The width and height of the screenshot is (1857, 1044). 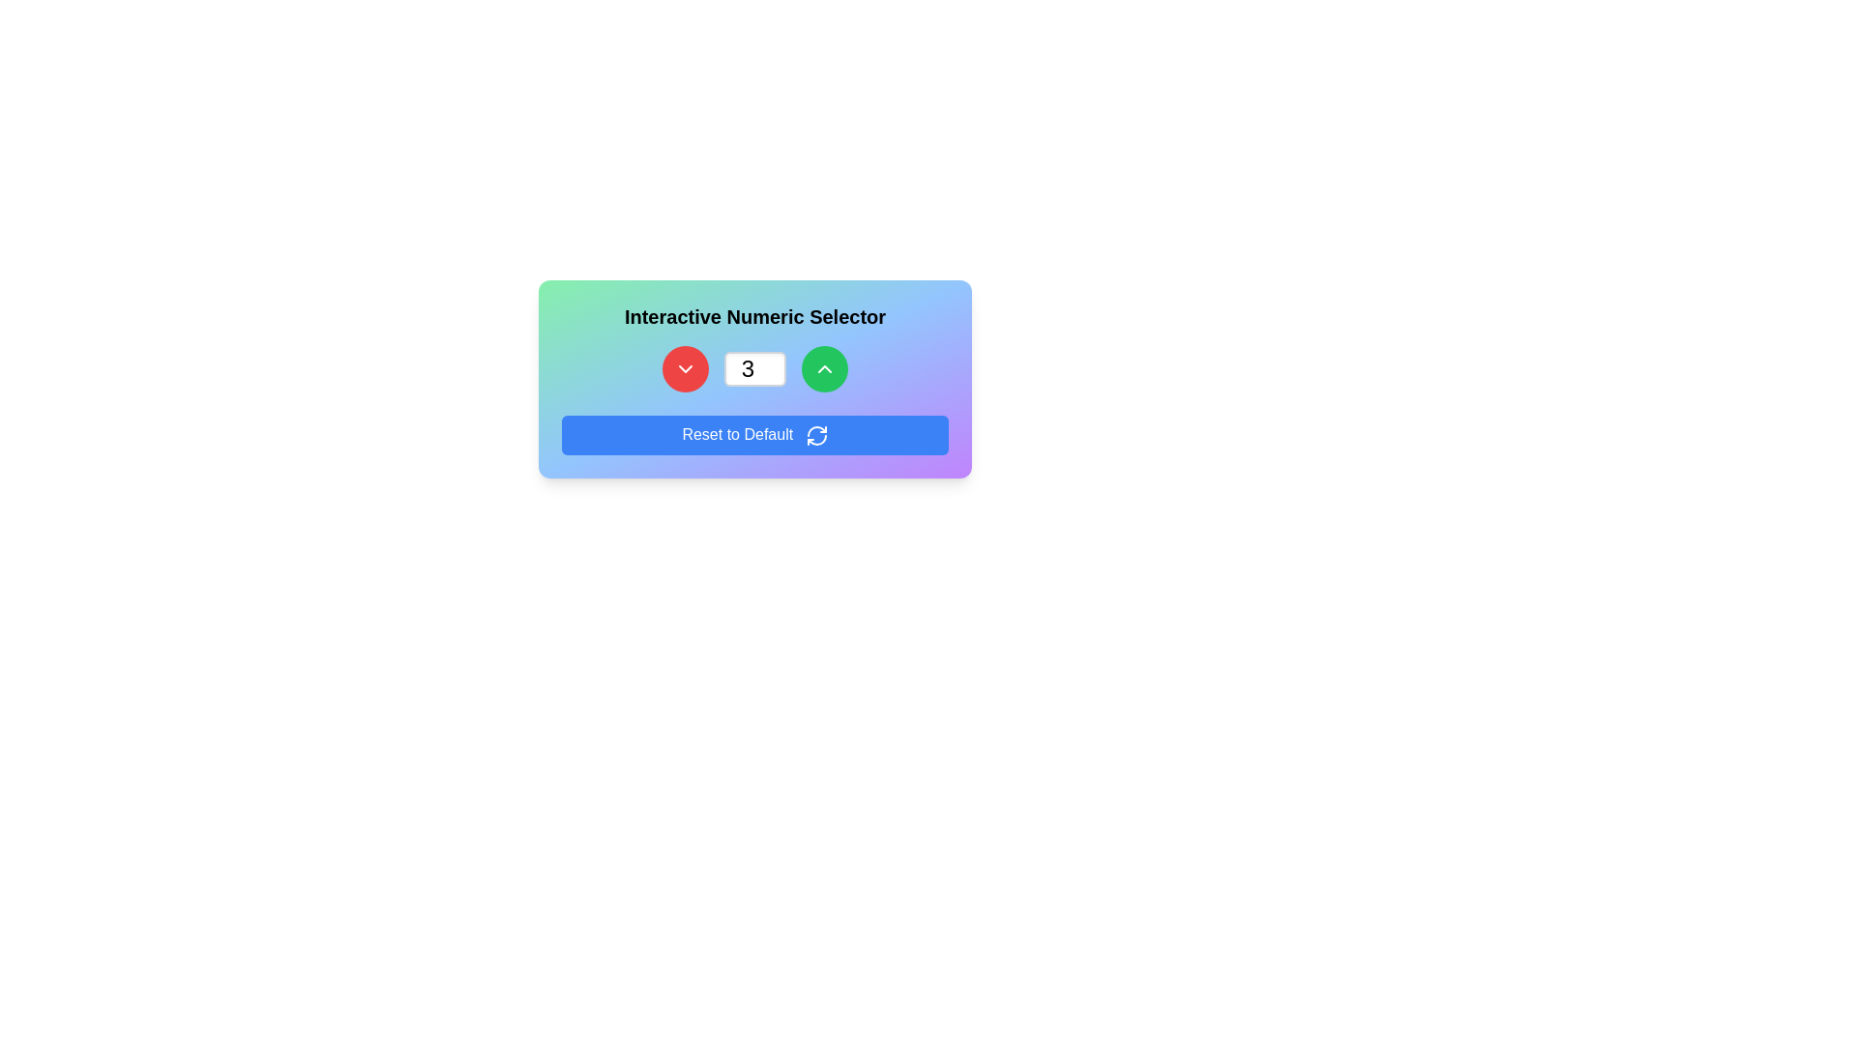 What do you see at coordinates (686, 368) in the screenshot?
I see `the first button on the left that decrements the adjacent numeric input field's value` at bounding box center [686, 368].